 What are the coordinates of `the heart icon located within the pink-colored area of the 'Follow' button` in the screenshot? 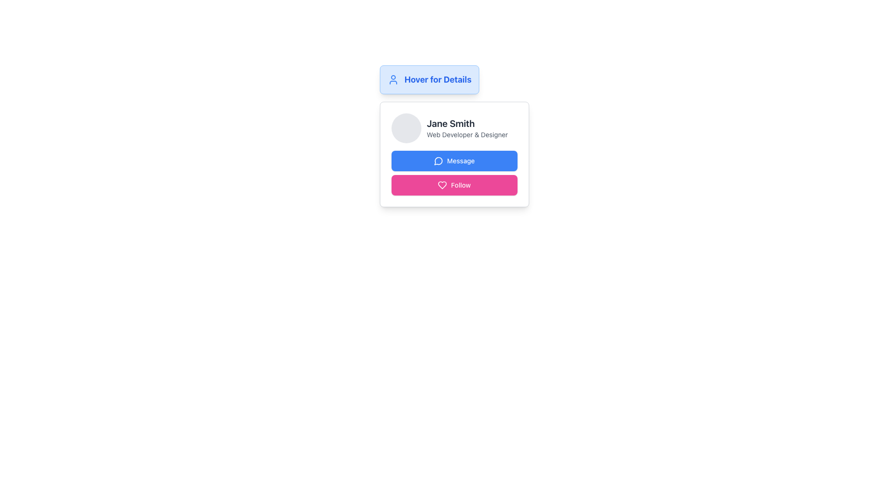 It's located at (442, 185).